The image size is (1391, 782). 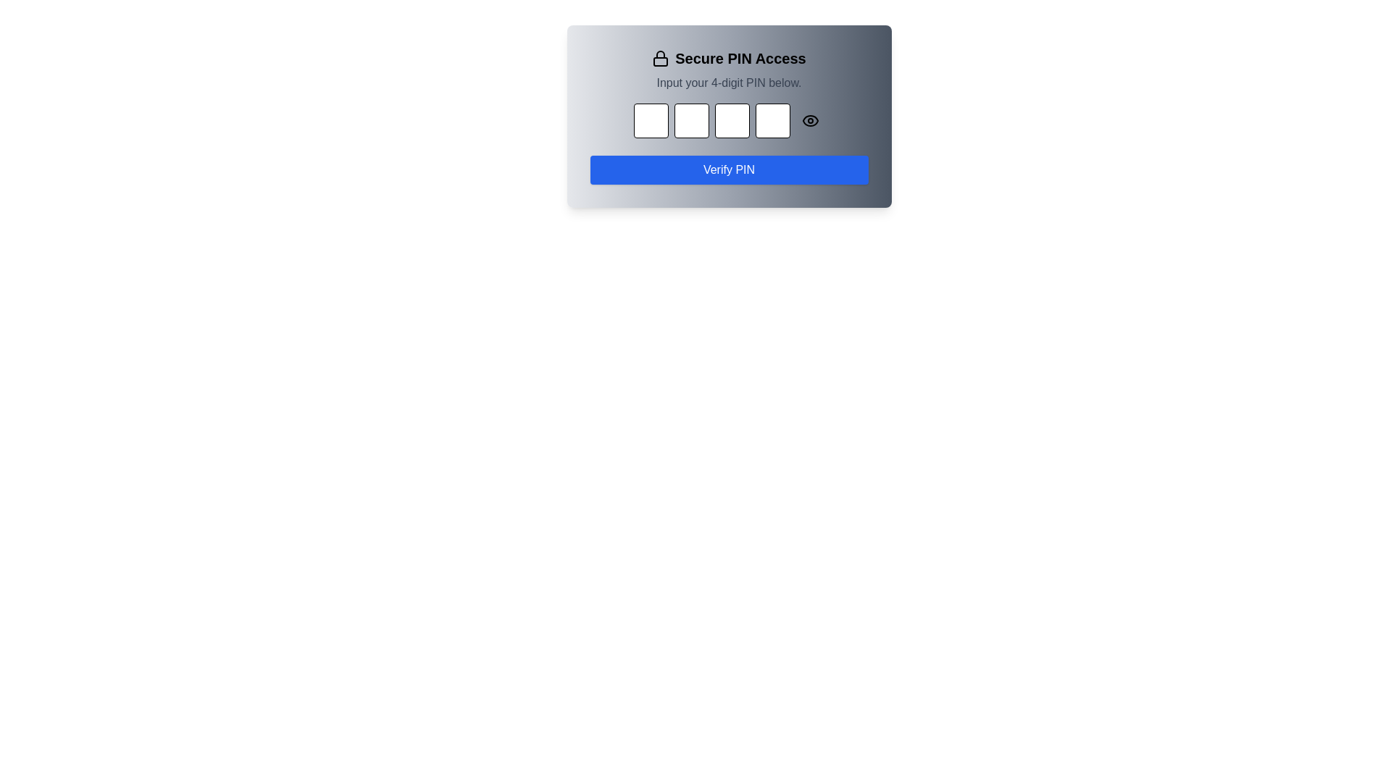 What do you see at coordinates (809, 119) in the screenshot?
I see `the eye icon button located at the far right of the PIN entry interface` at bounding box center [809, 119].